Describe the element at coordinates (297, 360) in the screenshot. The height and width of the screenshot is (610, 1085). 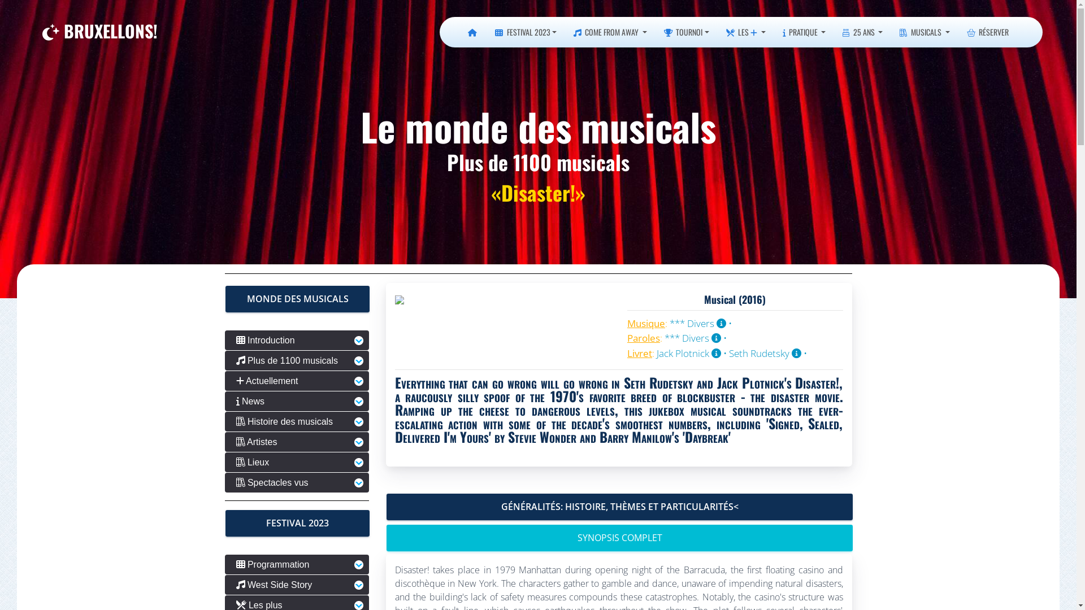
I see `'Plus de 1100 musicals'` at that location.